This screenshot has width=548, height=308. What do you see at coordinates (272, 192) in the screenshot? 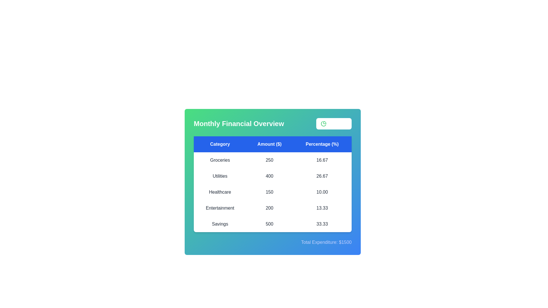
I see `the table row corresponding to Healthcare` at bounding box center [272, 192].